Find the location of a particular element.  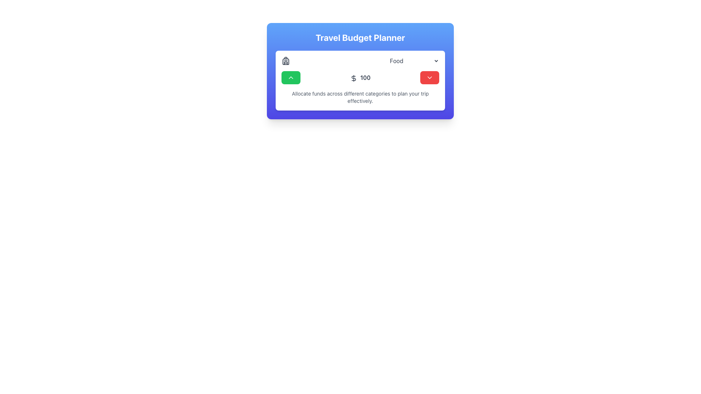

the text label stating 'Allocate funds across different categories to plan your trip effectively' located in the bottom section of the 'Travel Budget Planner' card interface is located at coordinates (360, 97).